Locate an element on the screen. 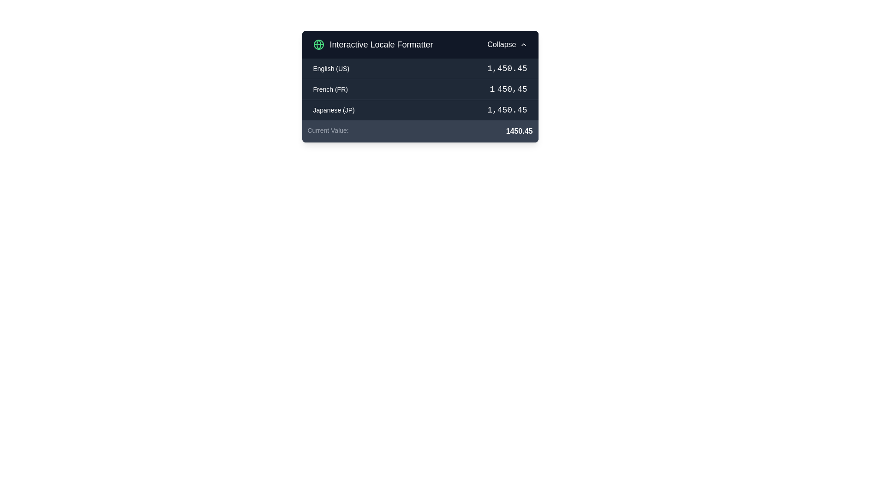  the small, upward-pointing chevron icon located to the right of the 'Collapse' text is located at coordinates (523, 44).